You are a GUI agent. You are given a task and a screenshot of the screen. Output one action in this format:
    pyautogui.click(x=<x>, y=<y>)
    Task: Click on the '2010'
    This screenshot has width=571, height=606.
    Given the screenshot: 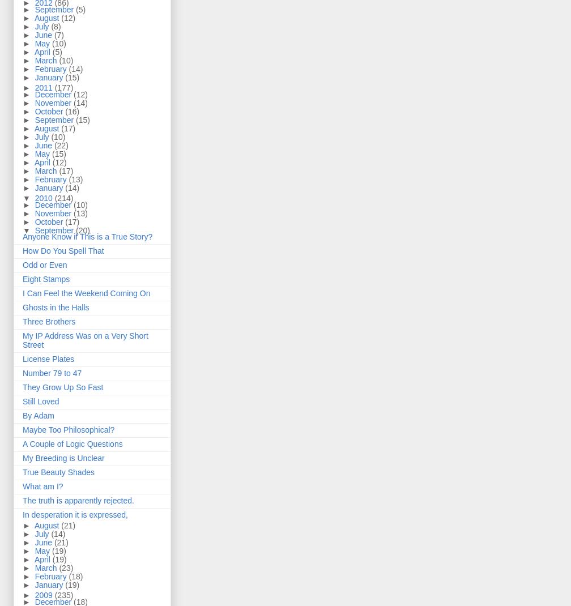 What is the action you would take?
    pyautogui.click(x=44, y=198)
    